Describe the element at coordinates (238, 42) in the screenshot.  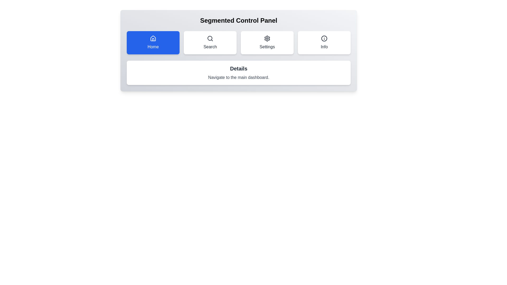
I see `a button in the Navigation bar located beneath the heading 'Segmented Control Panel'` at that location.